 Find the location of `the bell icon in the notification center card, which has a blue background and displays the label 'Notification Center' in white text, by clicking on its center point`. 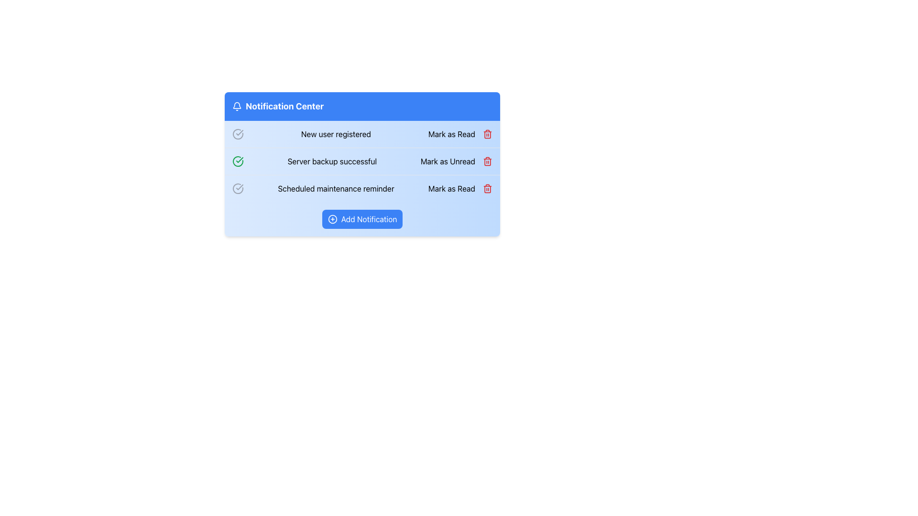

the bell icon in the notification center card, which has a blue background and displays the label 'Notification Center' in white text, by clicking on its center point is located at coordinates (237, 105).